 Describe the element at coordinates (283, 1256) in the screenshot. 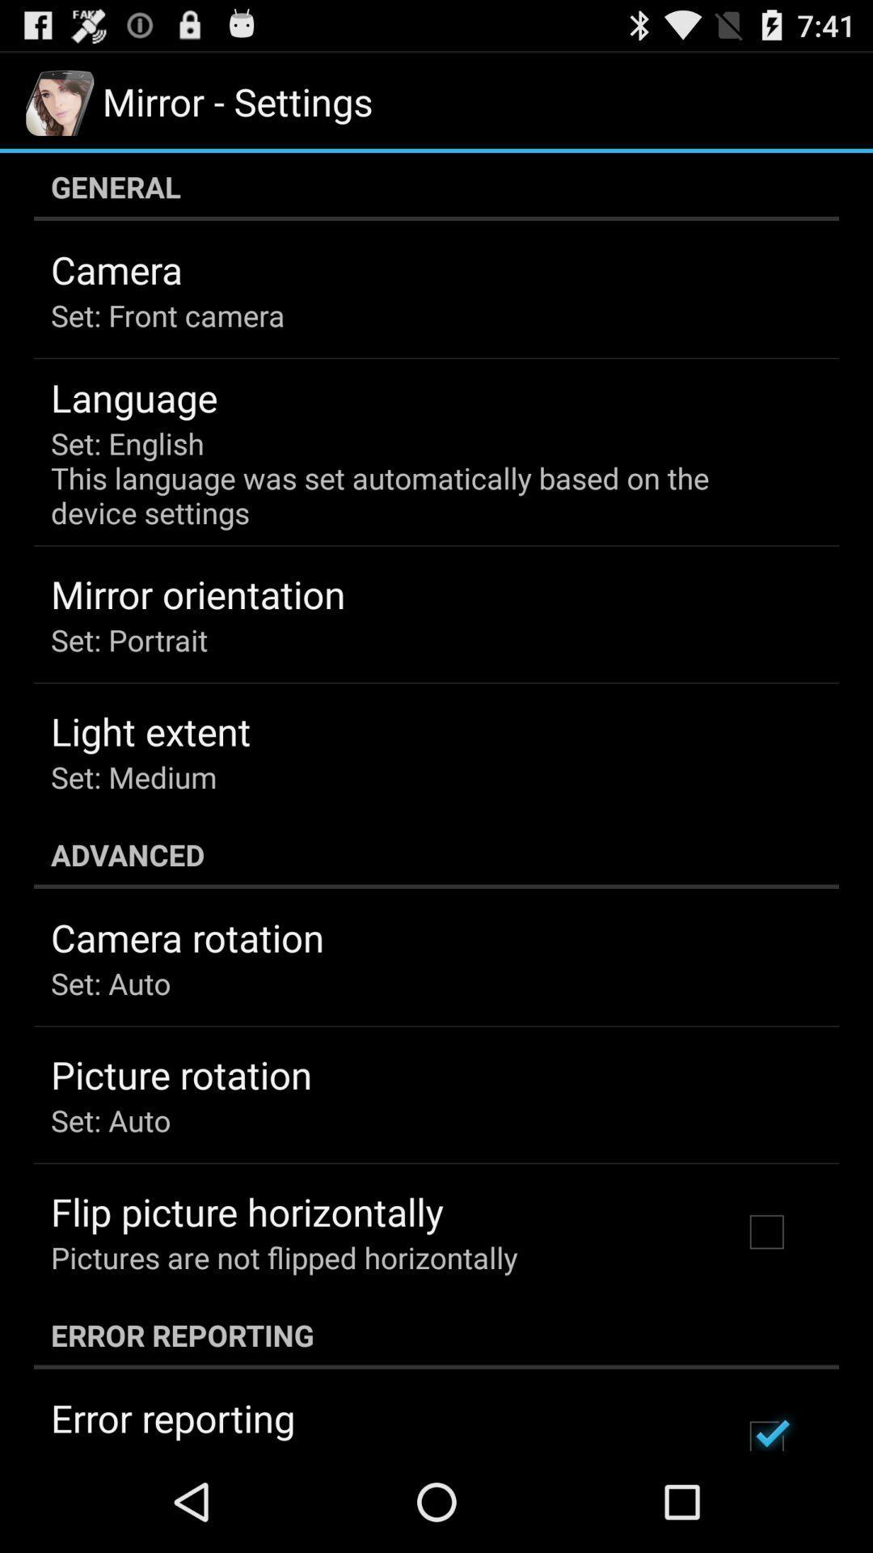

I see `item below the flip picture horizontally item` at that location.